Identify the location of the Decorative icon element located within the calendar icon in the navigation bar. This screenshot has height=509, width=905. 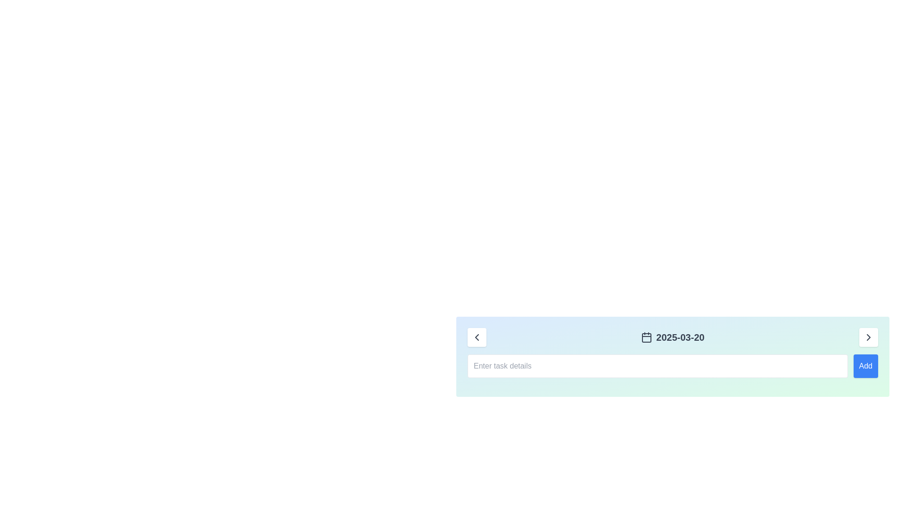
(646, 337).